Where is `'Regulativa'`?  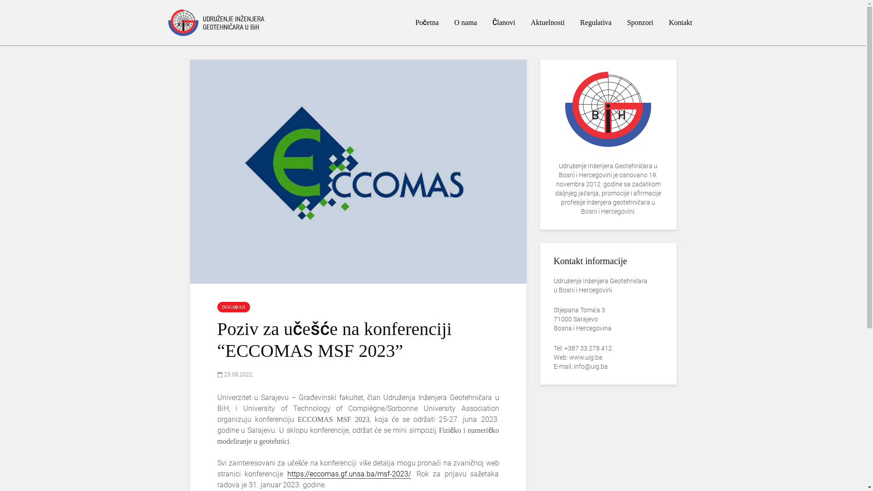 'Regulativa' is located at coordinates (596, 22).